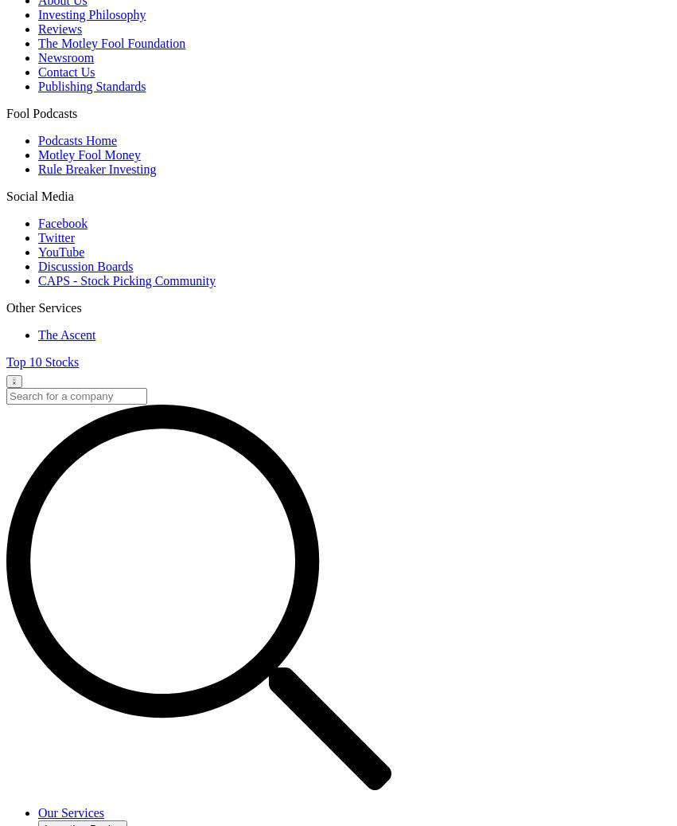 This screenshot has width=677, height=826. What do you see at coordinates (56, 237) in the screenshot?
I see `'Twitter'` at bounding box center [56, 237].